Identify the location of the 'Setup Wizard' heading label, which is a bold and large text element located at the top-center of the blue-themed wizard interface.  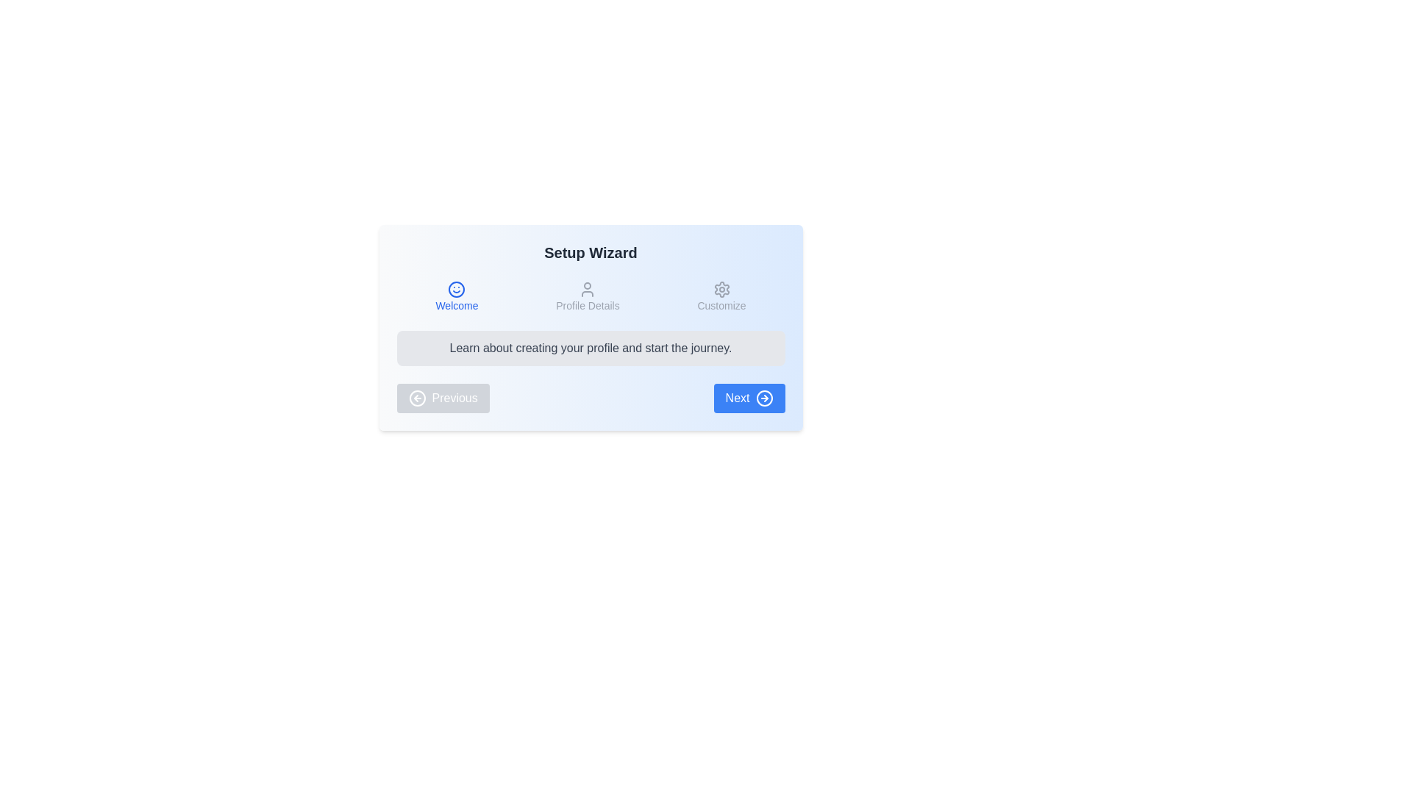
(591, 251).